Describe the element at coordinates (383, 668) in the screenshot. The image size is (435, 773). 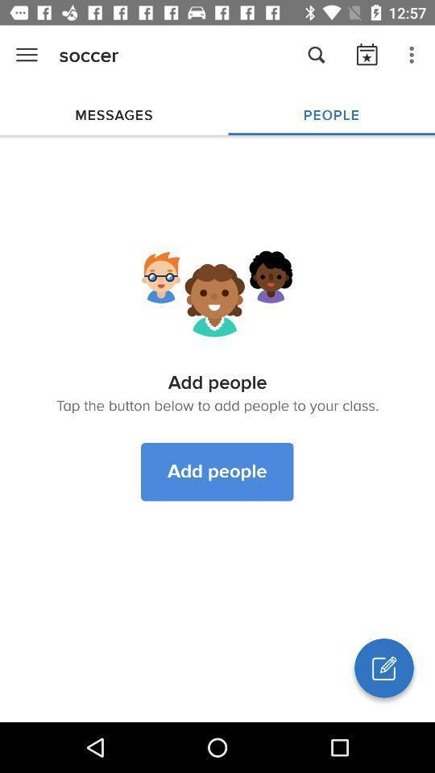
I see `write button` at that location.